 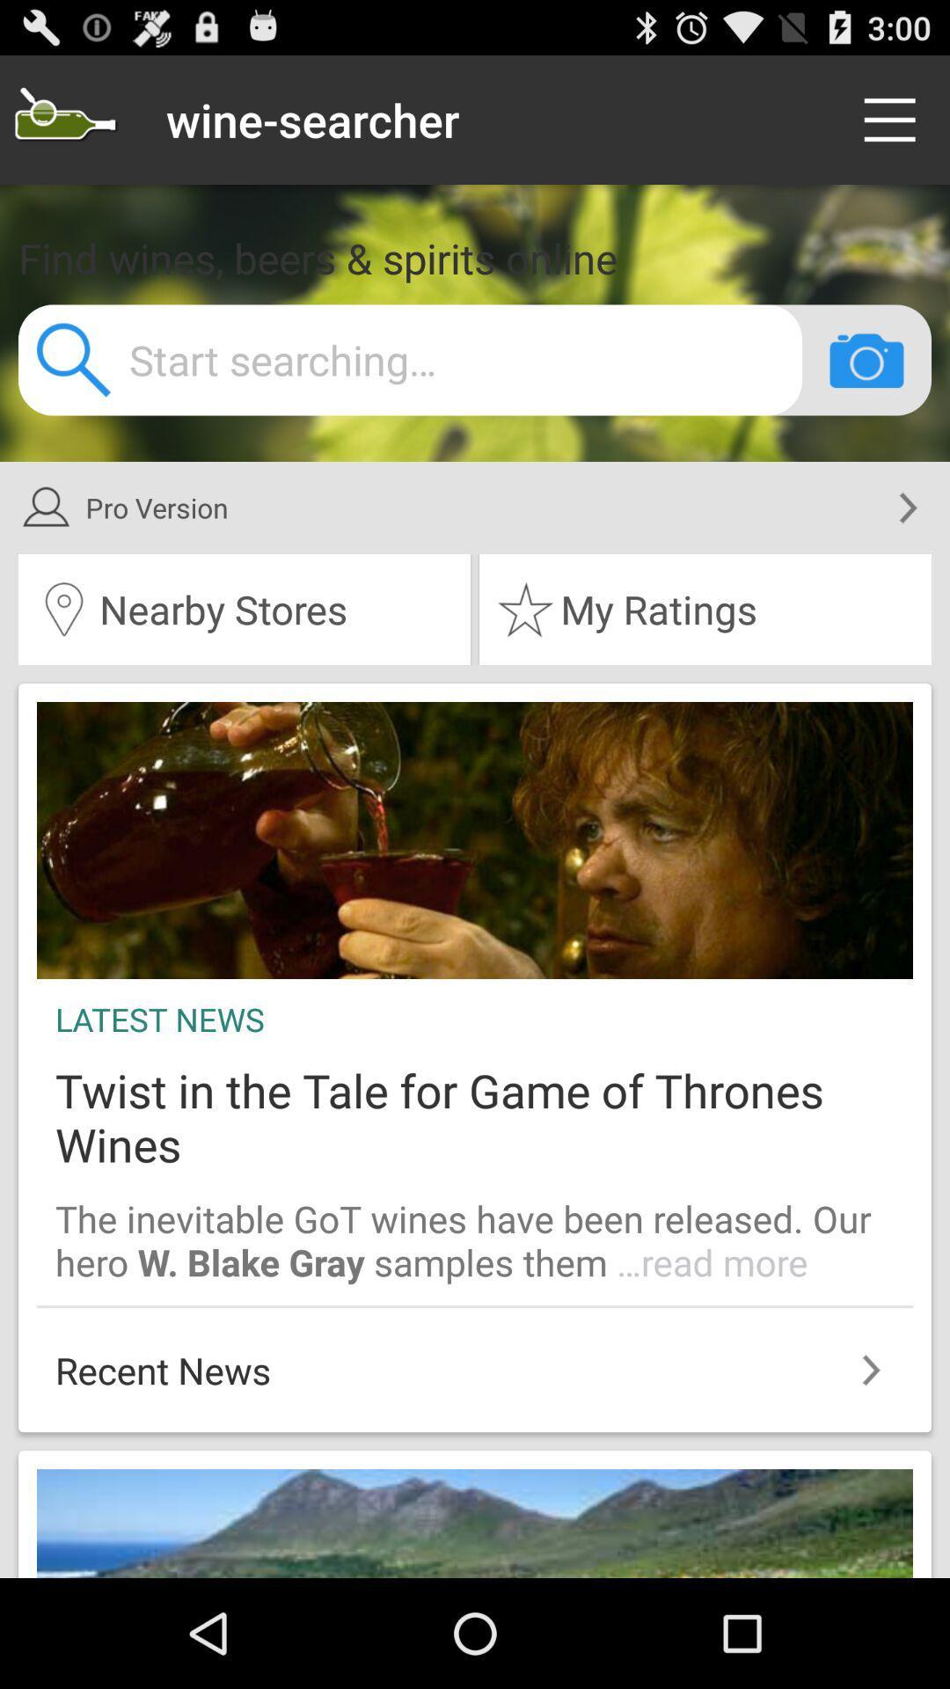 What do you see at coordinates (244, 609) in the screenshot?
I see `the icon to the left of the my ratings item` at bounding box center [244, 609].